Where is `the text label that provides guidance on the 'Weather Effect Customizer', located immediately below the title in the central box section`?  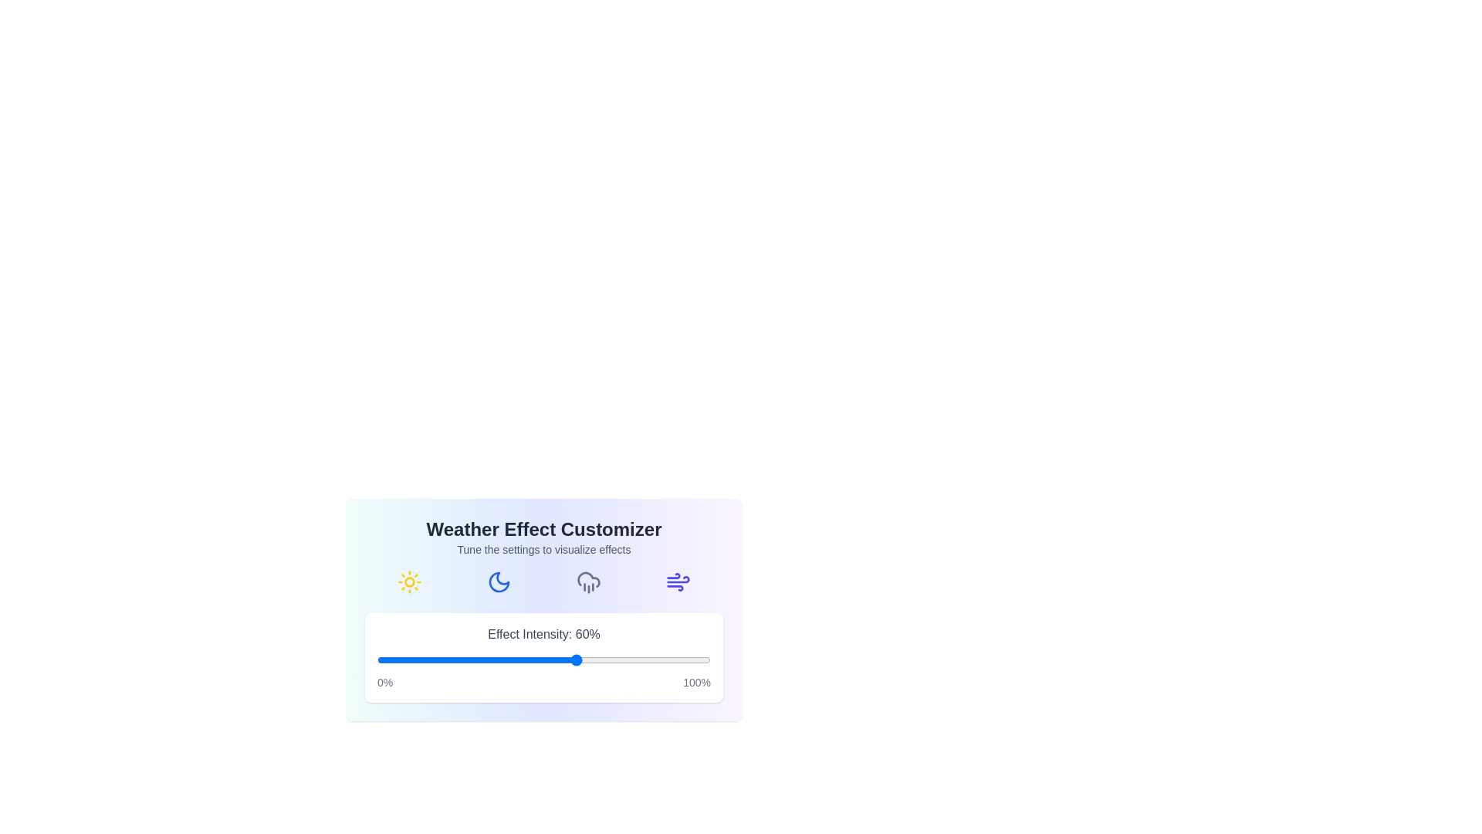 the text label that provides guidance on the 'Weather Effect Customizer', located immediately below the title in the central box section is located at coordinates (544, 549).